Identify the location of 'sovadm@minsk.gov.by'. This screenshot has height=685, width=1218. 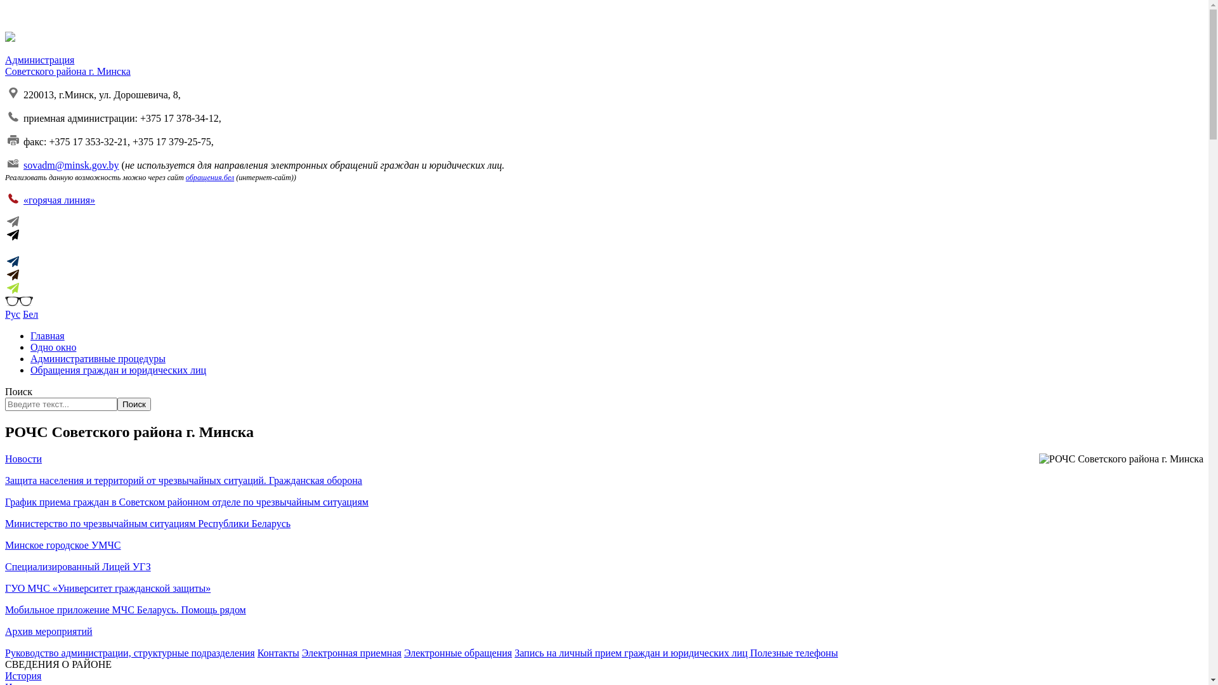
(23, 164).